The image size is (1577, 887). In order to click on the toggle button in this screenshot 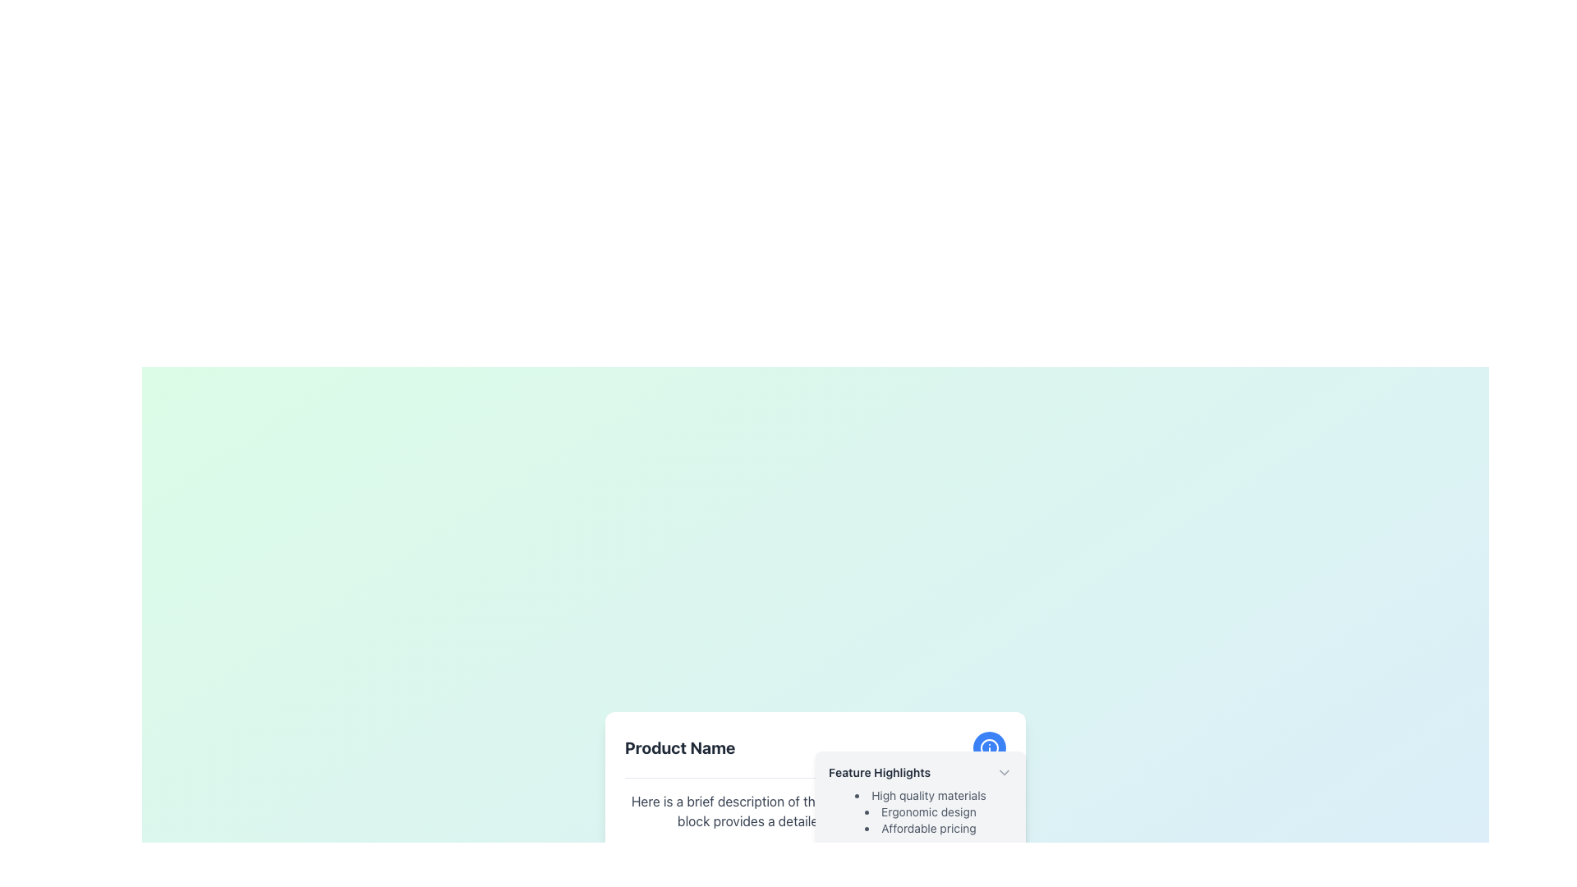, I will do `click(1004, 772)`.